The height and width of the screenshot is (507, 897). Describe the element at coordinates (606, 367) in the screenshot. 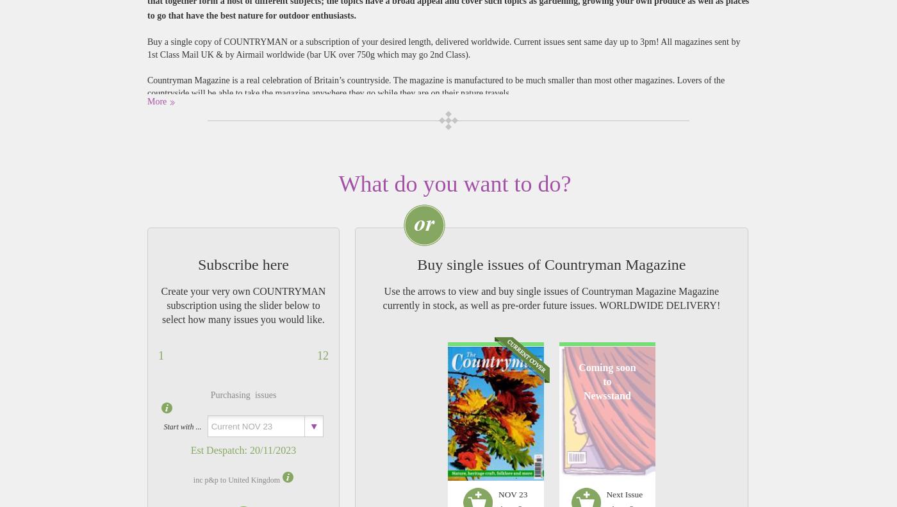

I see `'Coming soon'` at that location.